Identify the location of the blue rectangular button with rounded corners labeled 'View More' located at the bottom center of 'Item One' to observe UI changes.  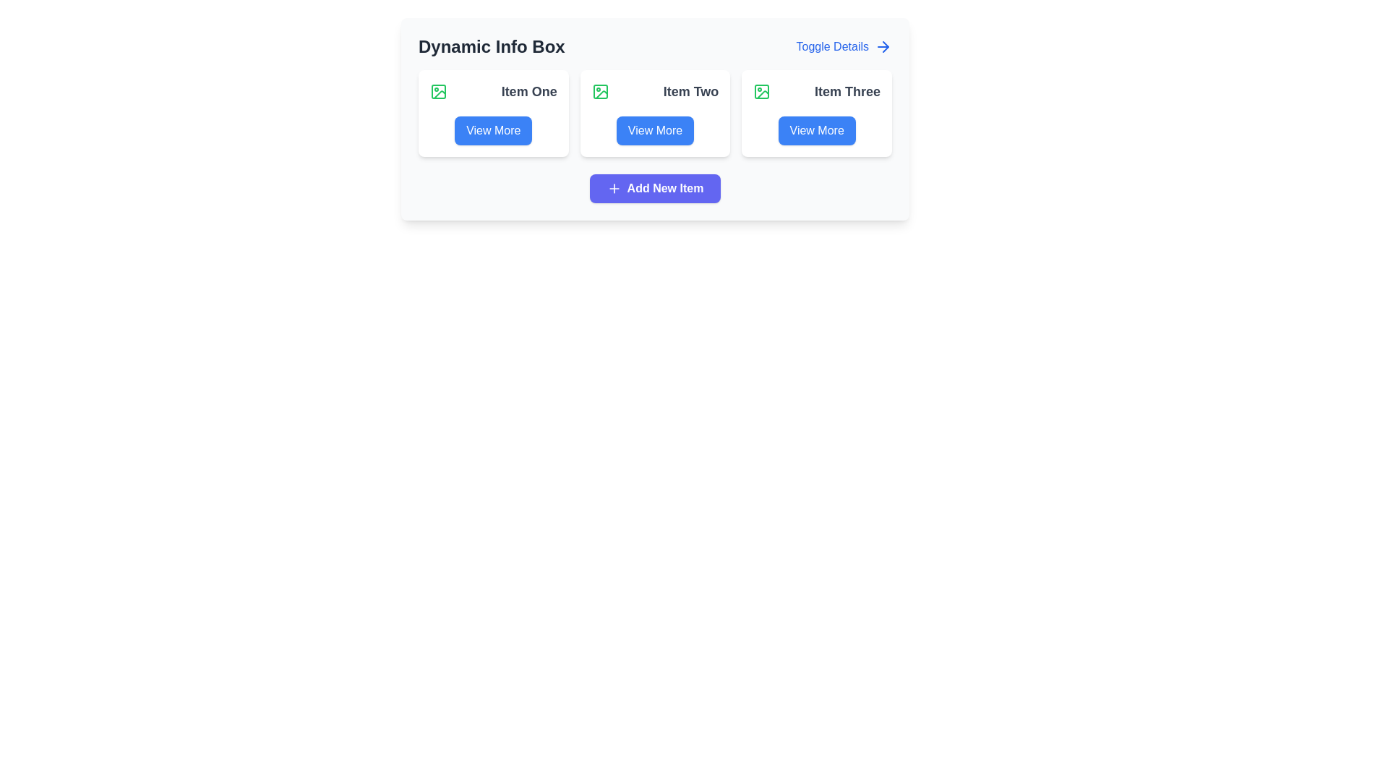
(493, 131).